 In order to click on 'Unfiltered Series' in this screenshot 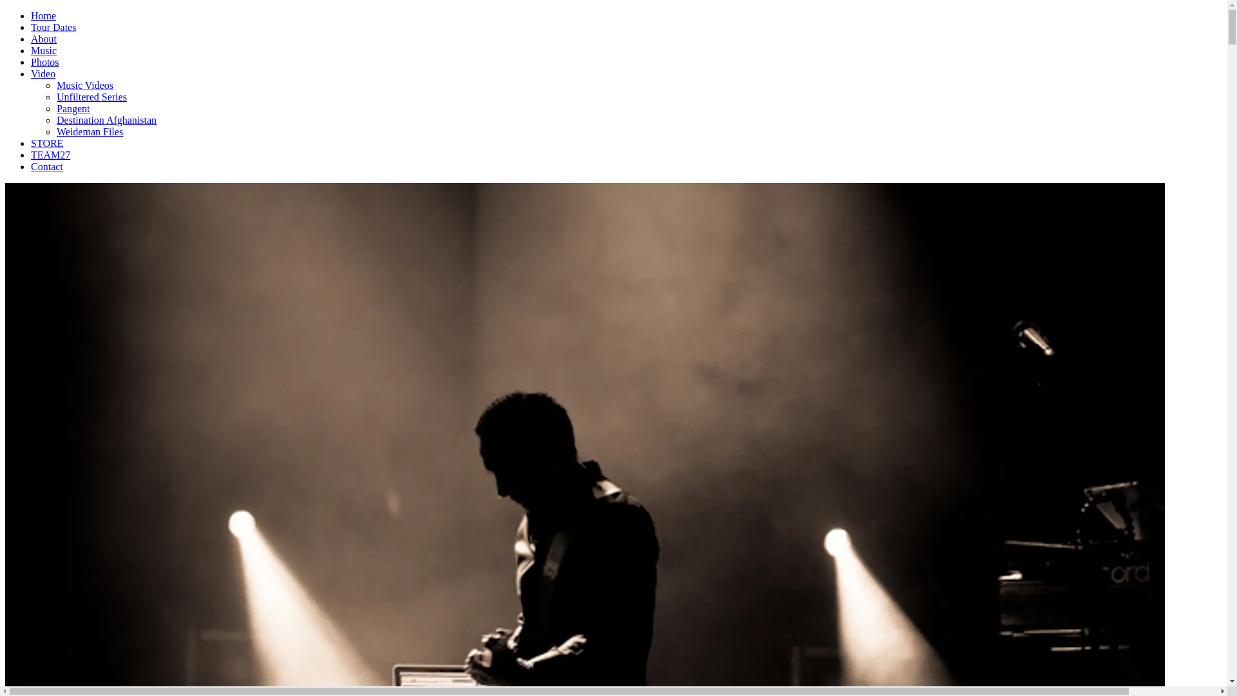, I will do `click(55, 96)`.